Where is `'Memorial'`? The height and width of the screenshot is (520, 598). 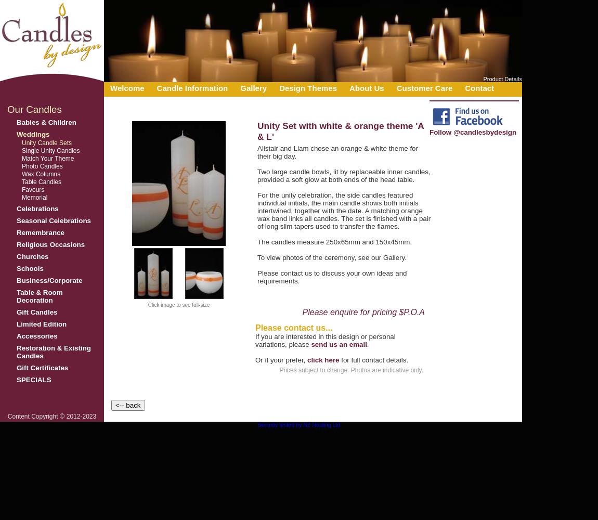 'Memorial' is located at coordinates (21, 198).